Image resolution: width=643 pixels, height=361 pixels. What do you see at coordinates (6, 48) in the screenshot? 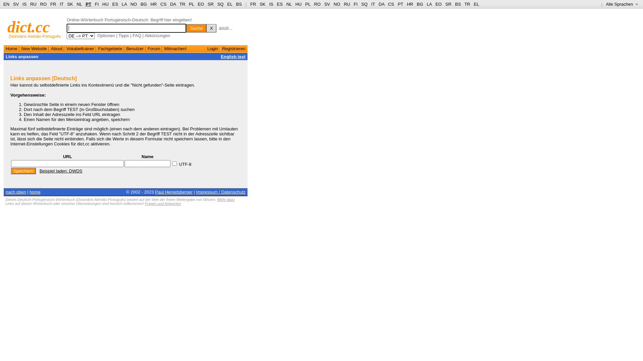
I see `'Home'` at bounding box center [6, 48].